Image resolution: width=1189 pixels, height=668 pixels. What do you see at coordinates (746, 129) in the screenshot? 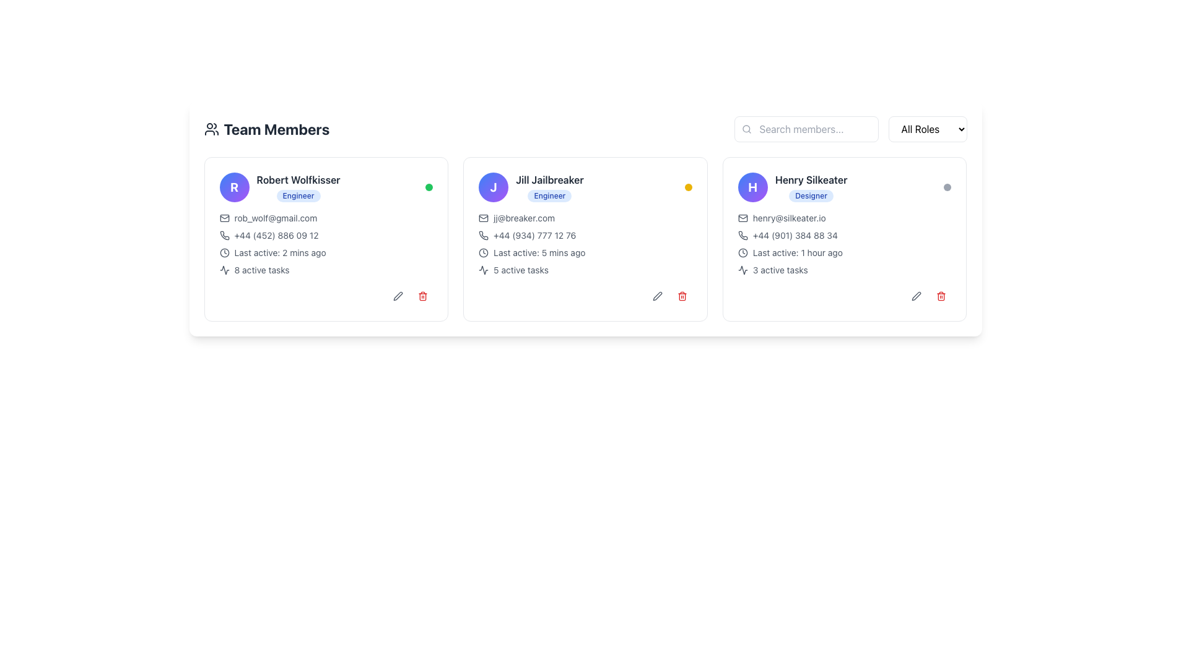
I see `the decorative search icon located inside the left part of the search input field labeled 'Search members...'` at bounding box center [746, 129].